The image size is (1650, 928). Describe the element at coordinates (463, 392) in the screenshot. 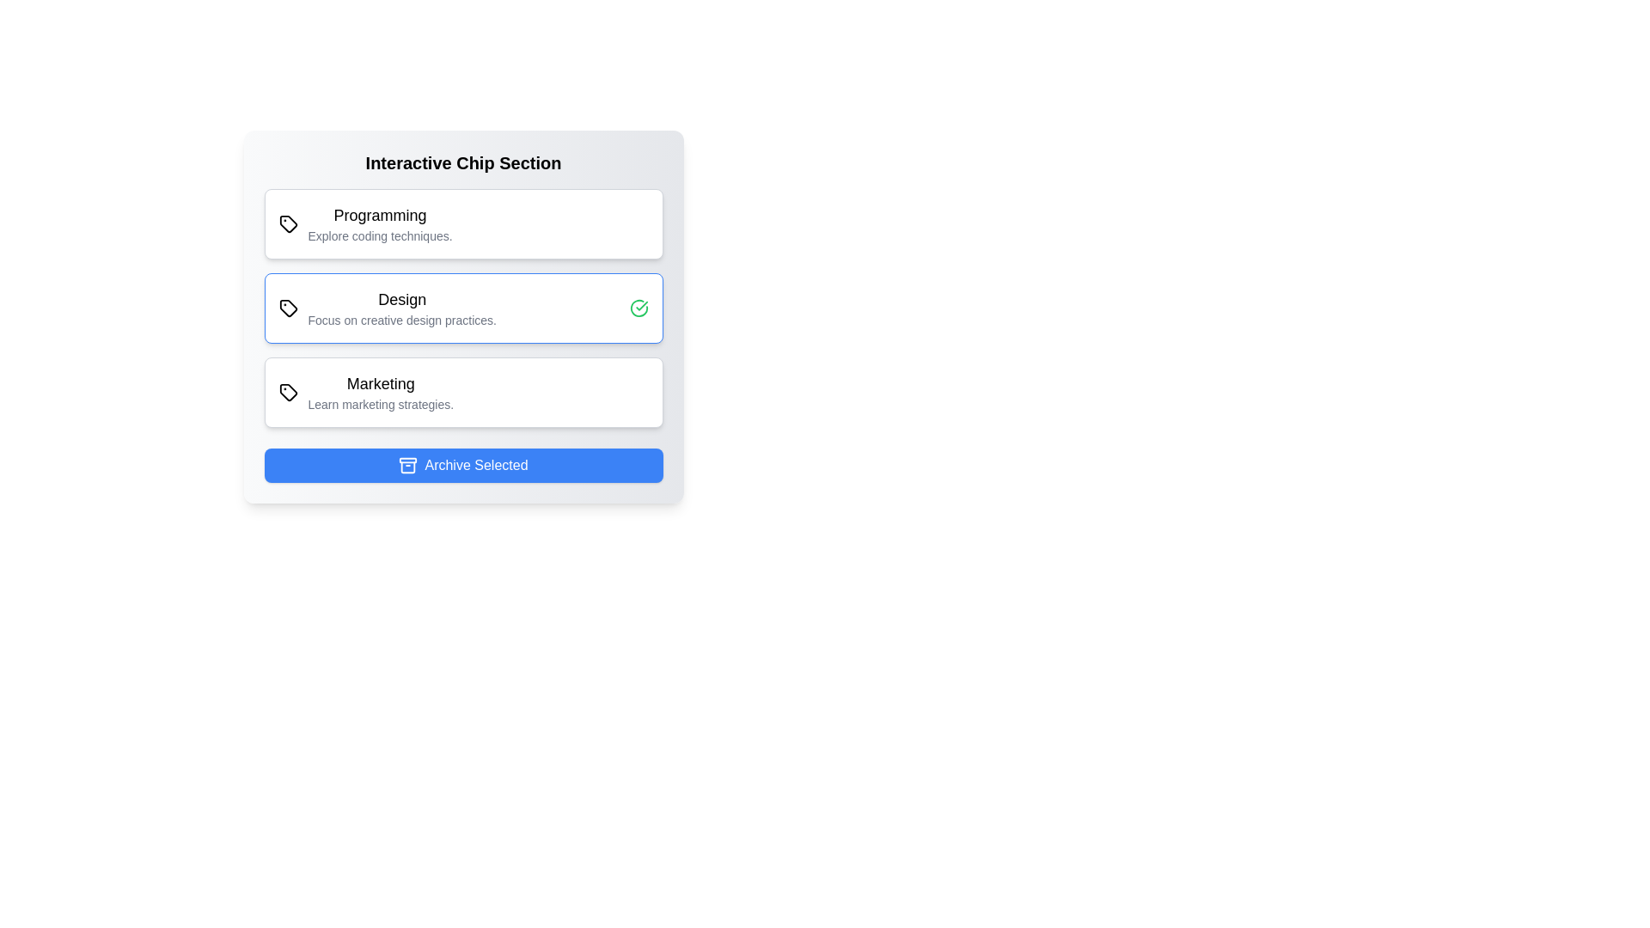

I see `the chip labeled Marketing to toggle its selection state` at that location.